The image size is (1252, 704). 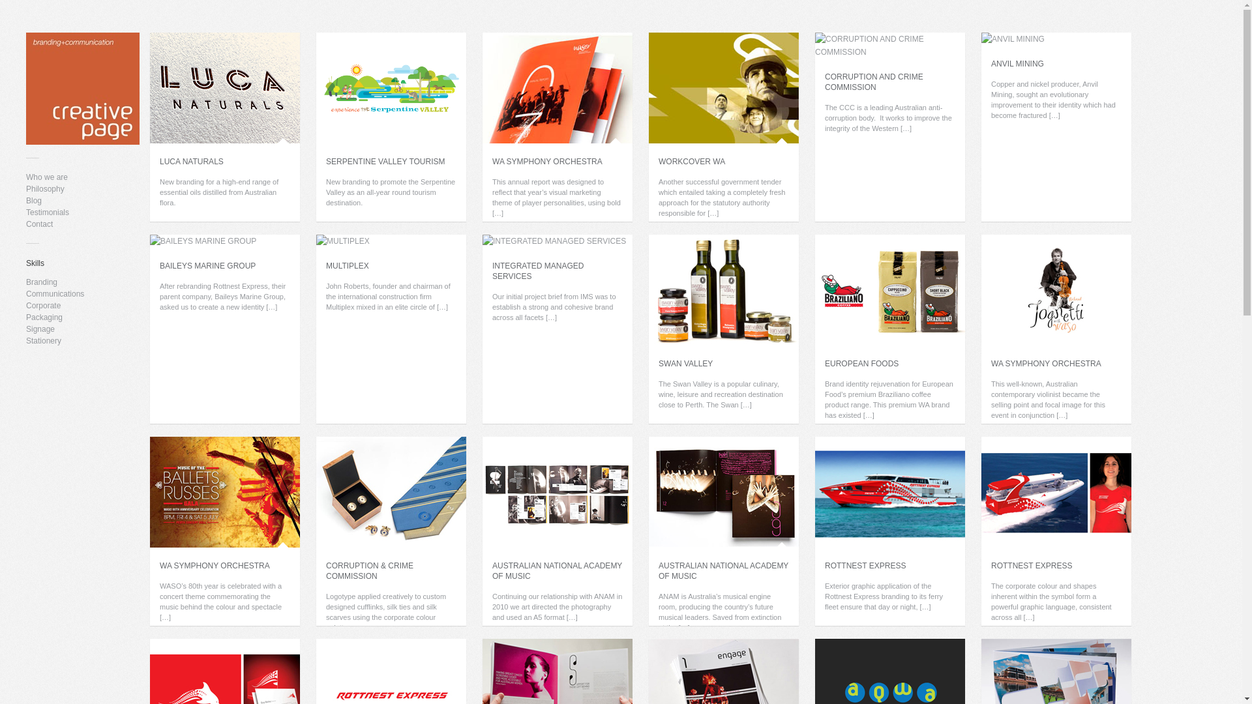 I want to click on 'Stationery', so click(x=44, y=340).